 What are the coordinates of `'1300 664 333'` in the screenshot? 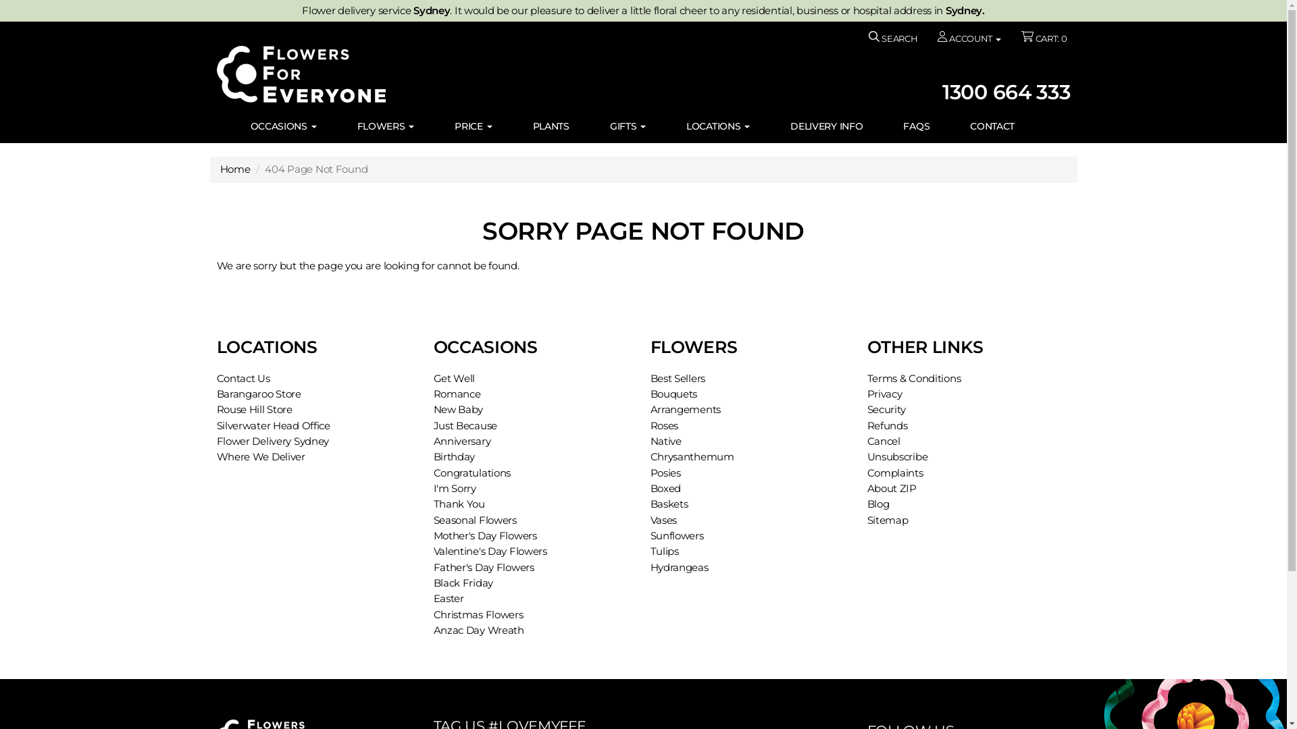 It's located at (1006, 91).